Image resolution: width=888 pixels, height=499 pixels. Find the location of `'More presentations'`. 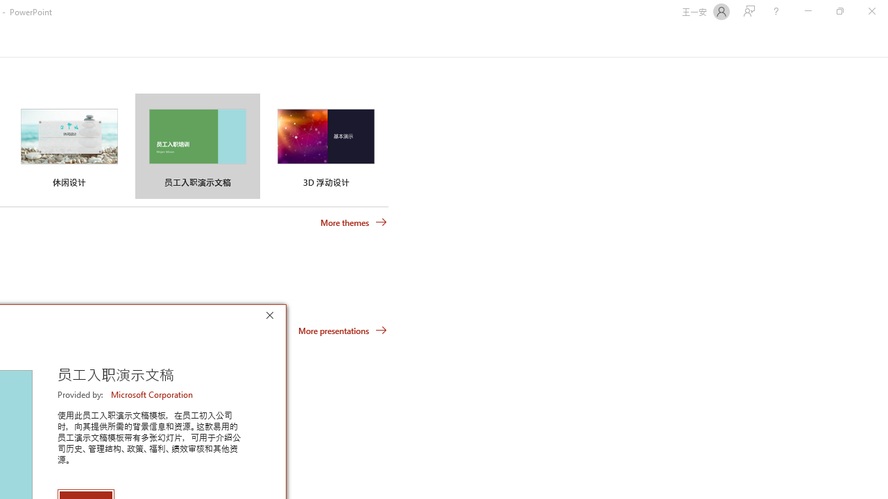

'More presentations' is located at coordinates (343, 331).